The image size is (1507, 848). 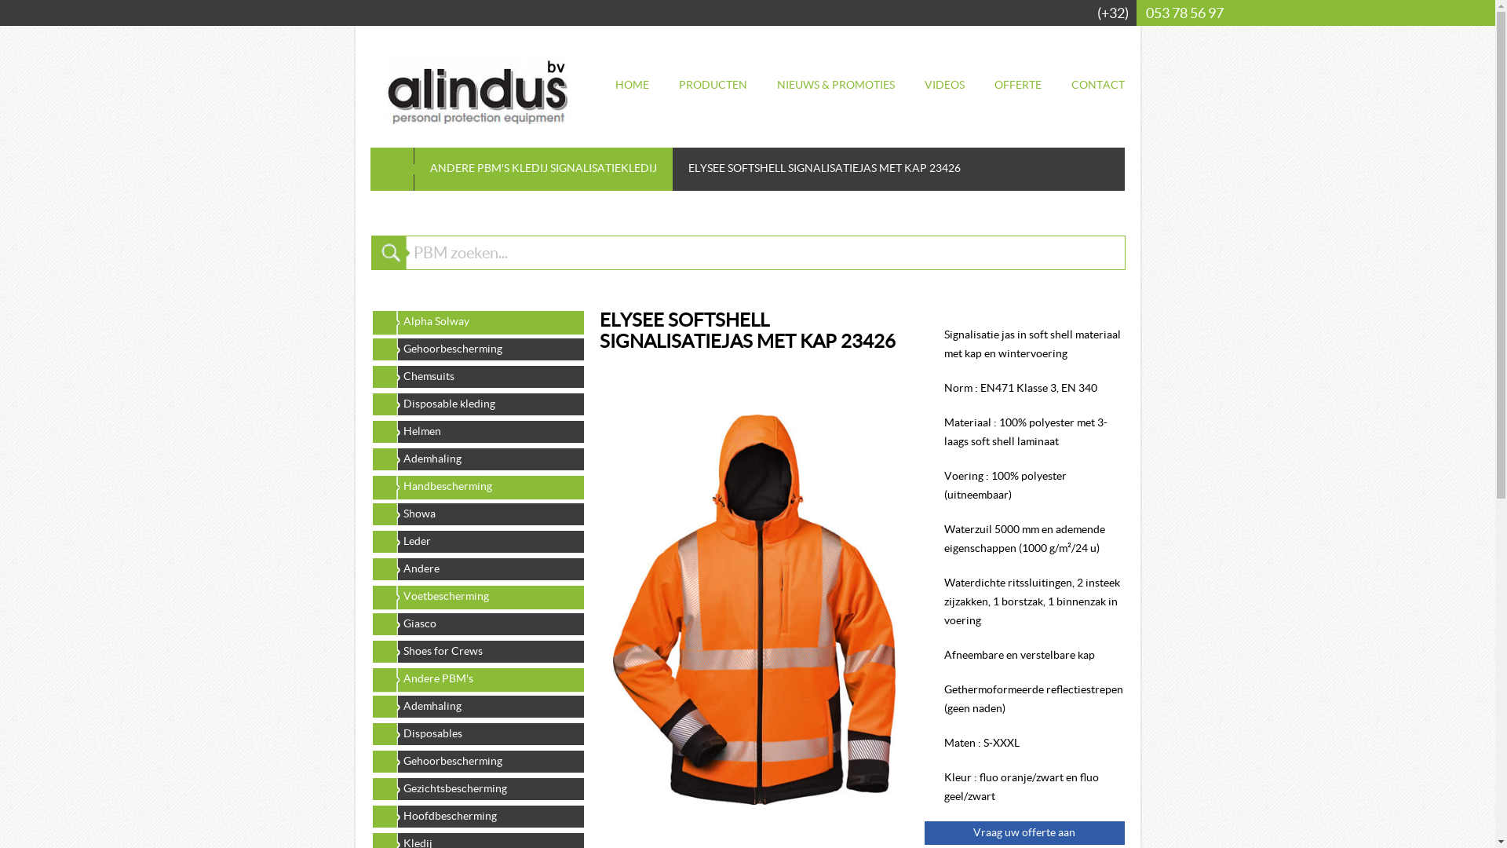 What do you see at coordinates (476, 514) in the screenshot?
I see `'Showa'` at bounding box center [476, 514].